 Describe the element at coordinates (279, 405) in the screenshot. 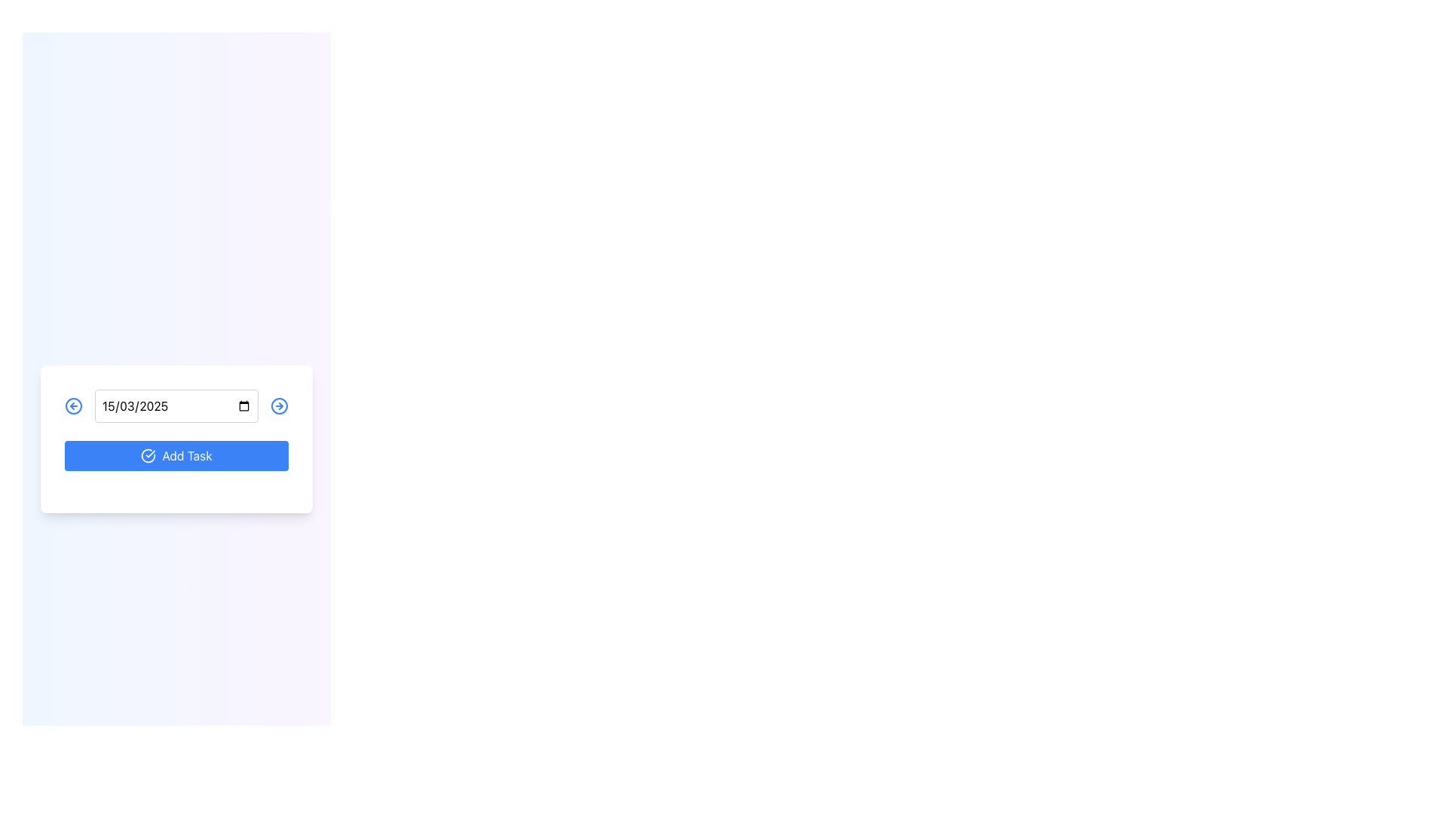

I see `the navigation icon located at the right end of the toolbar` at that location.